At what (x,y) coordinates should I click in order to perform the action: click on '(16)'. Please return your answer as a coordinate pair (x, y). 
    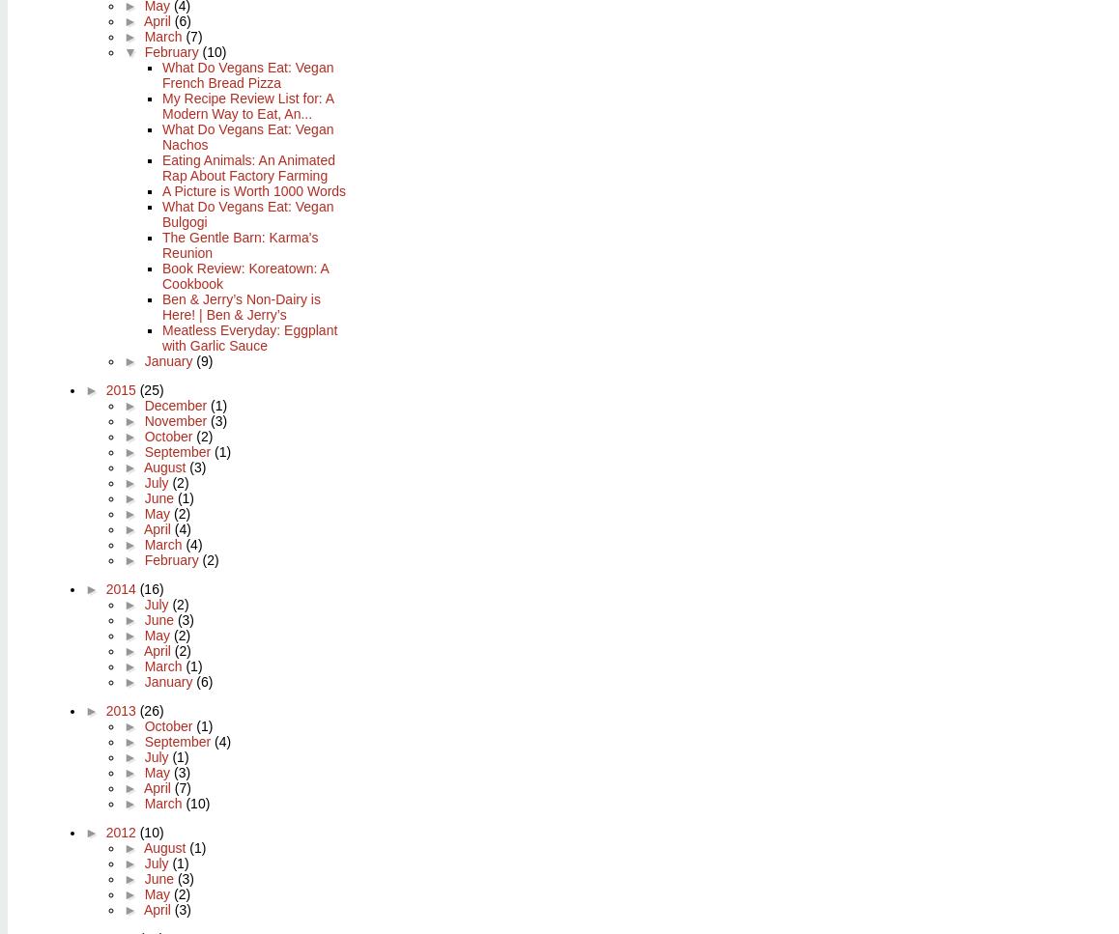
    Looking at the image, I should click on (150, 588).